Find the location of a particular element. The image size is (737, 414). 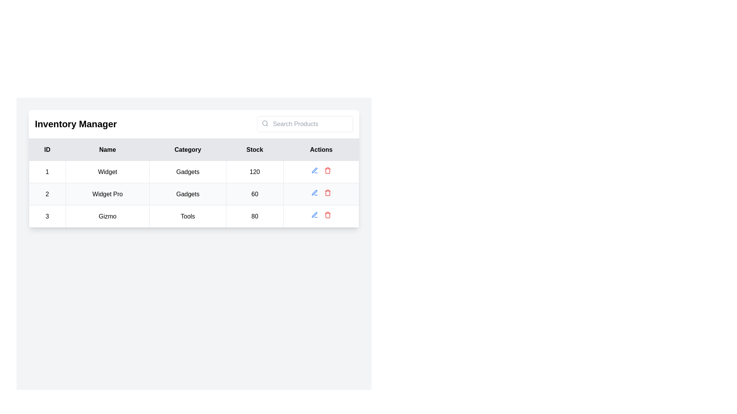

the stock quantity text label in the fourth column of the first row of the inventory table is located at coordinates (254, 171).